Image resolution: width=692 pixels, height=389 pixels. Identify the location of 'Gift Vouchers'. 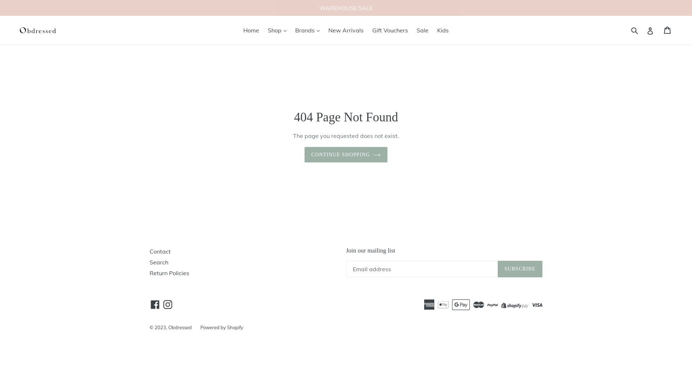
(390, 30).